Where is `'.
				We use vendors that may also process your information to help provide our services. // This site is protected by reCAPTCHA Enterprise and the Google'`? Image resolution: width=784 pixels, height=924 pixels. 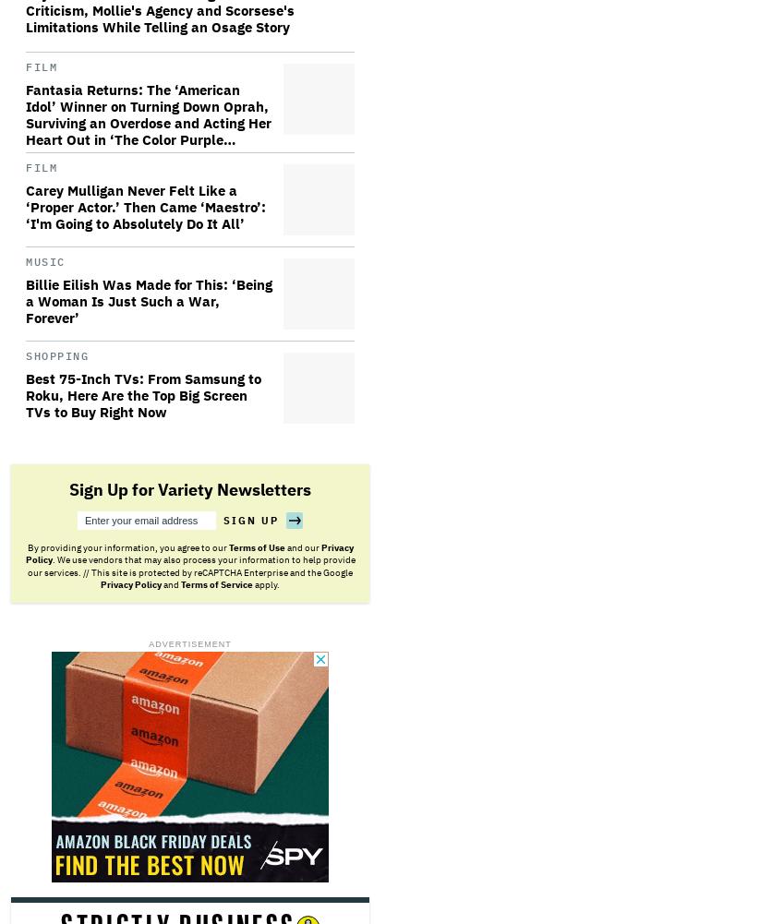
'.
				We use vendors that may also process your information to help provide our services. // This site is protected by reCAPTCHA Enterprise and the Google' is located at coordinates (189, 566).